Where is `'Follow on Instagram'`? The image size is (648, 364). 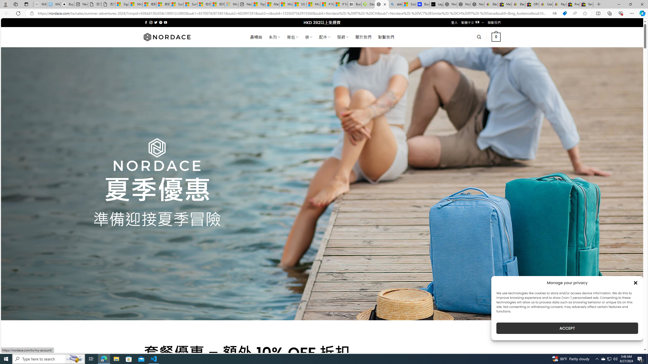 'Follow on Instagram' is located at coordinates (151, 22).